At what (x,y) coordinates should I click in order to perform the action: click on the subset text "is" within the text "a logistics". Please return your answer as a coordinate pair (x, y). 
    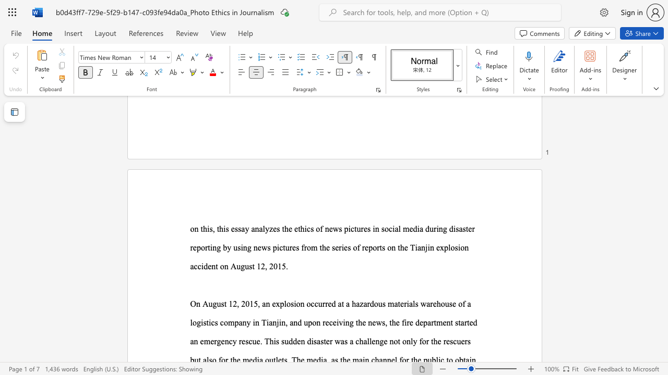
    Looking at the image, I should click on (200, 322).